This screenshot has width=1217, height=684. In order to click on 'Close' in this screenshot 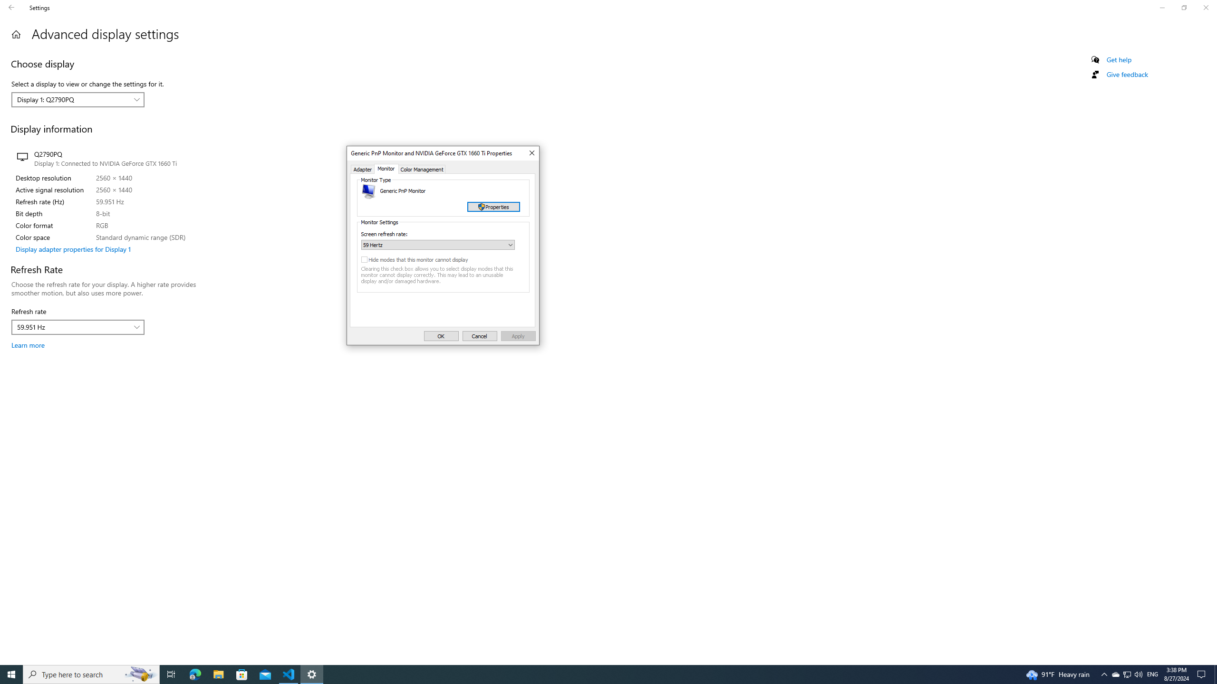, I will do `click(531, 153)`.